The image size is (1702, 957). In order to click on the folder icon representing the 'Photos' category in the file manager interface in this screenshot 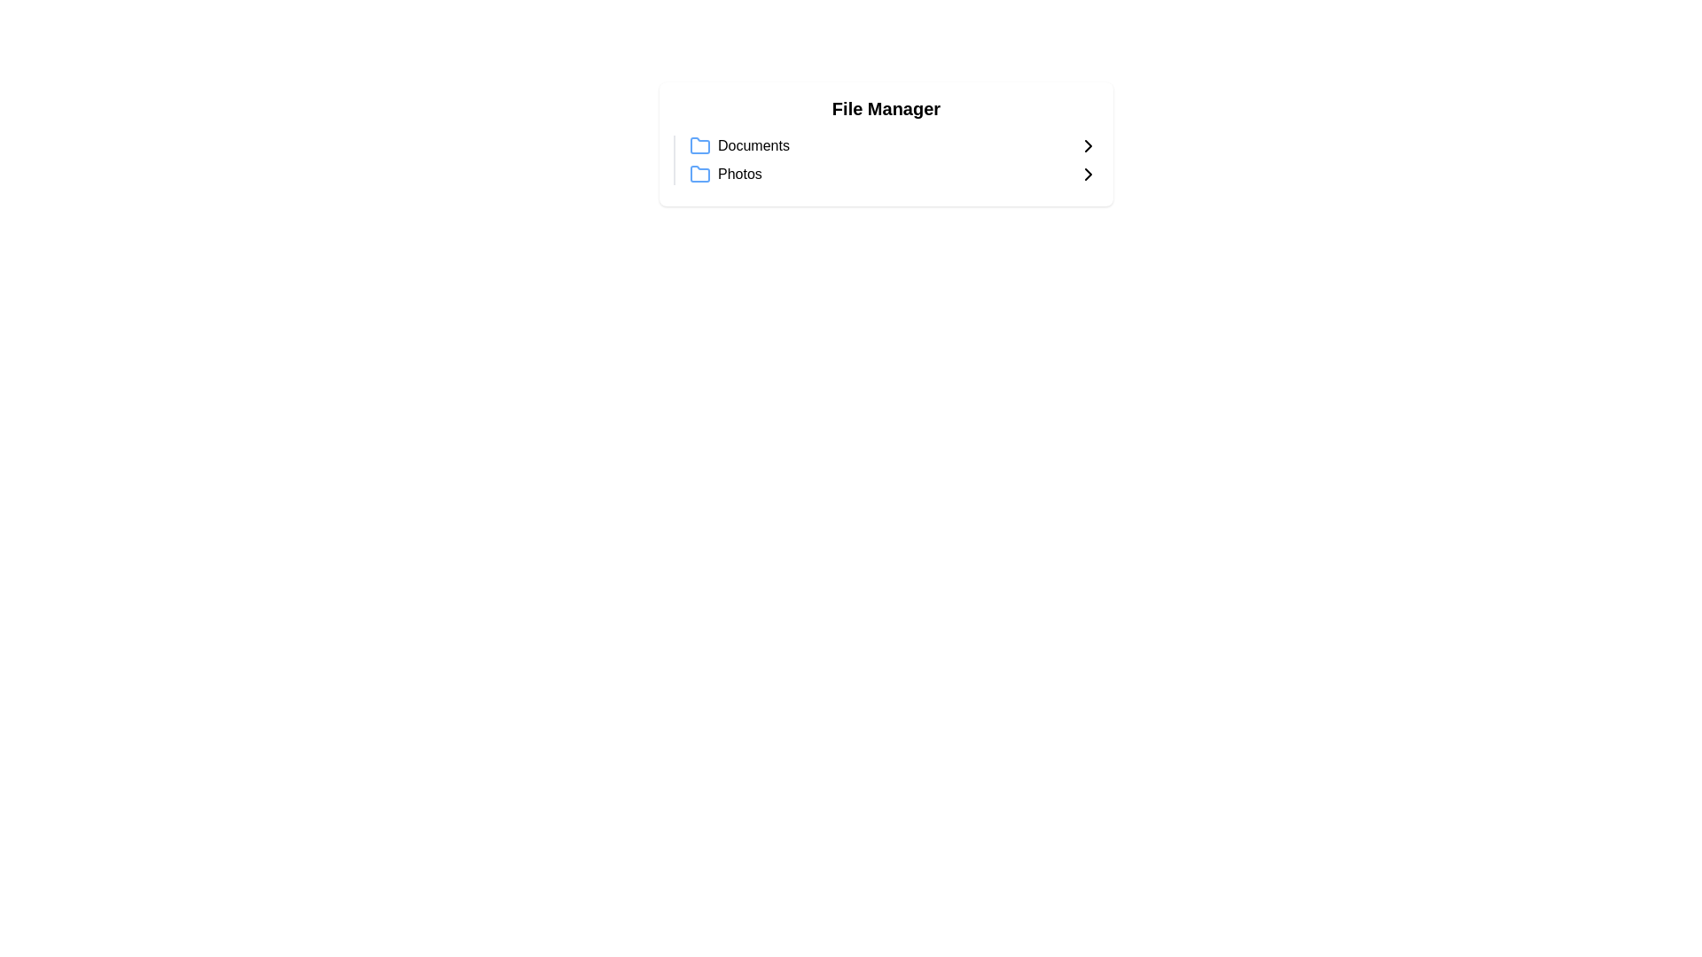, I will do `click(699, 144)`.